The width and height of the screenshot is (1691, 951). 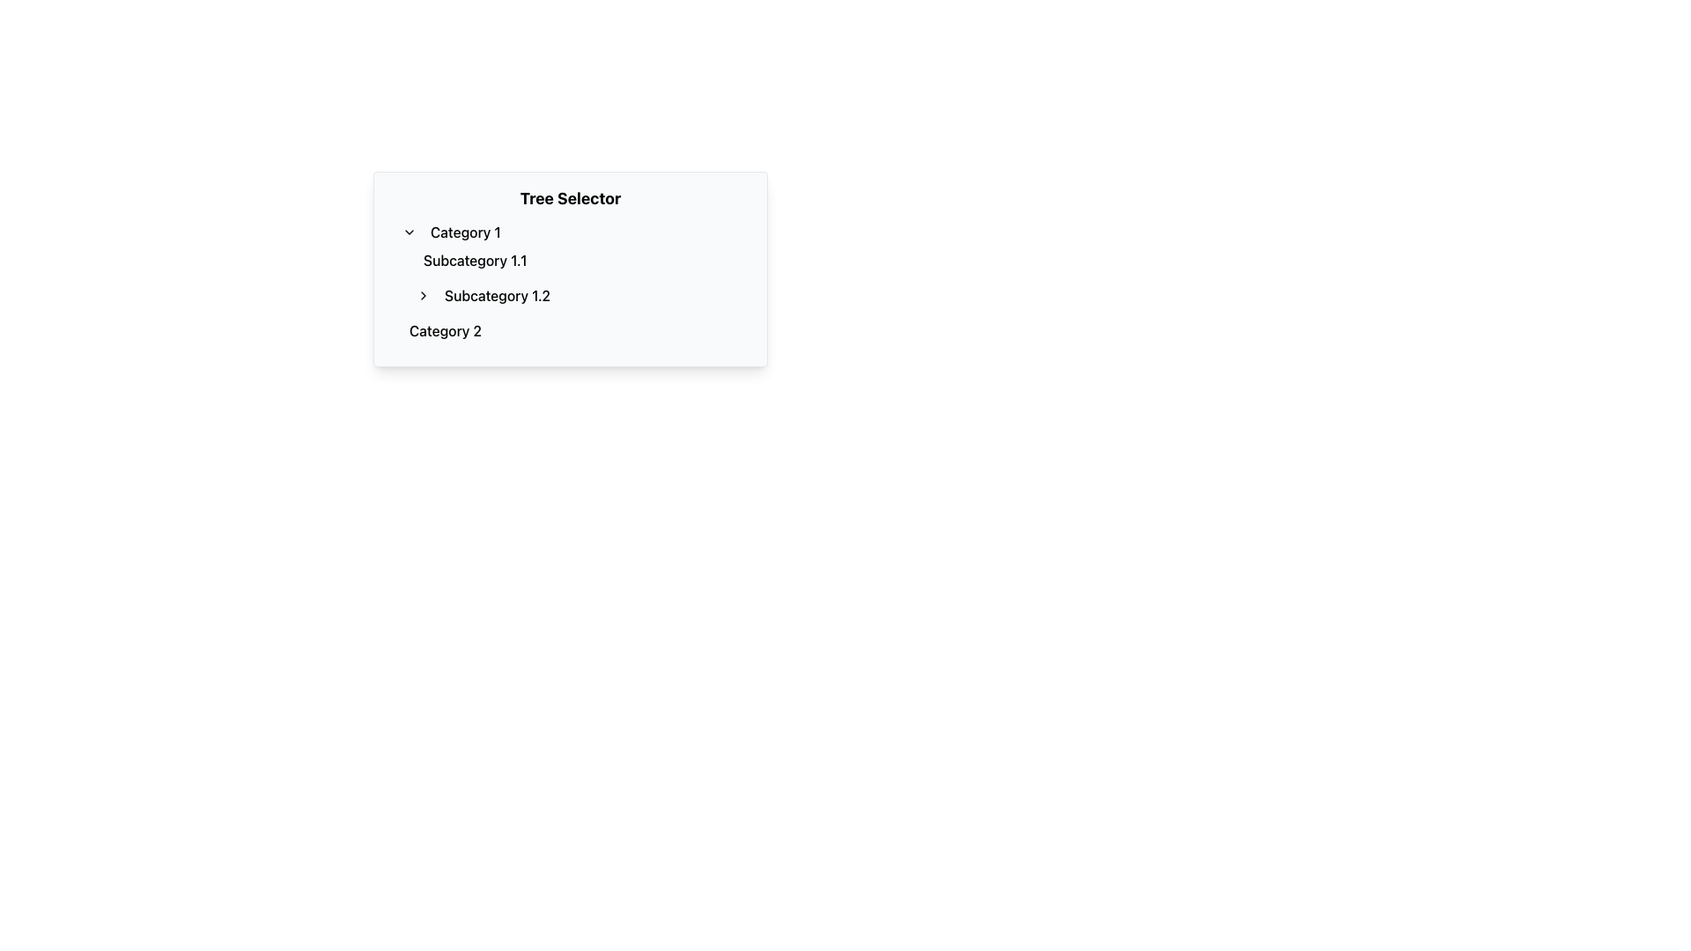 I want to click on the text link labeled 'Subcategory 1.2', so click(x=497, y=294).